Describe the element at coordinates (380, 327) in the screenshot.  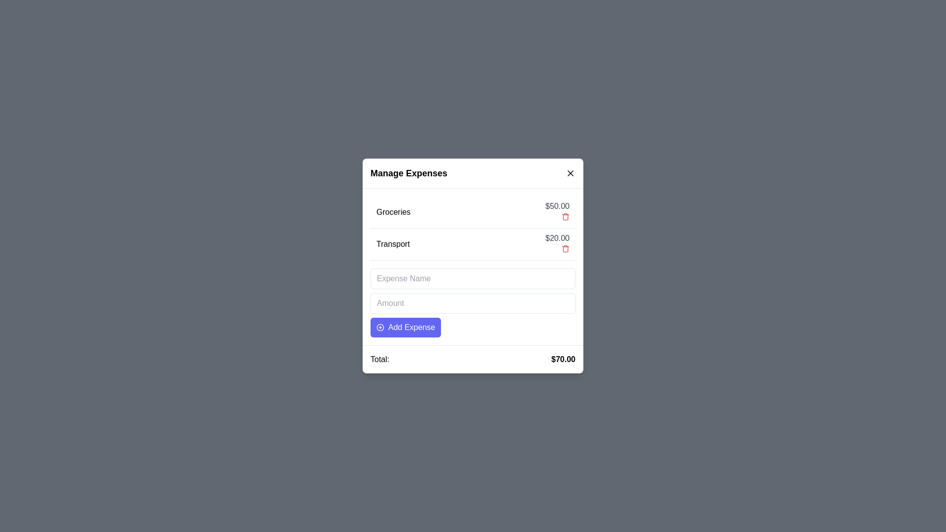
I see `the 'Add Expense' button located at the bottom-left of the dialog window, which contains a decorative or functional icon emphasizing its purpose` at that location.